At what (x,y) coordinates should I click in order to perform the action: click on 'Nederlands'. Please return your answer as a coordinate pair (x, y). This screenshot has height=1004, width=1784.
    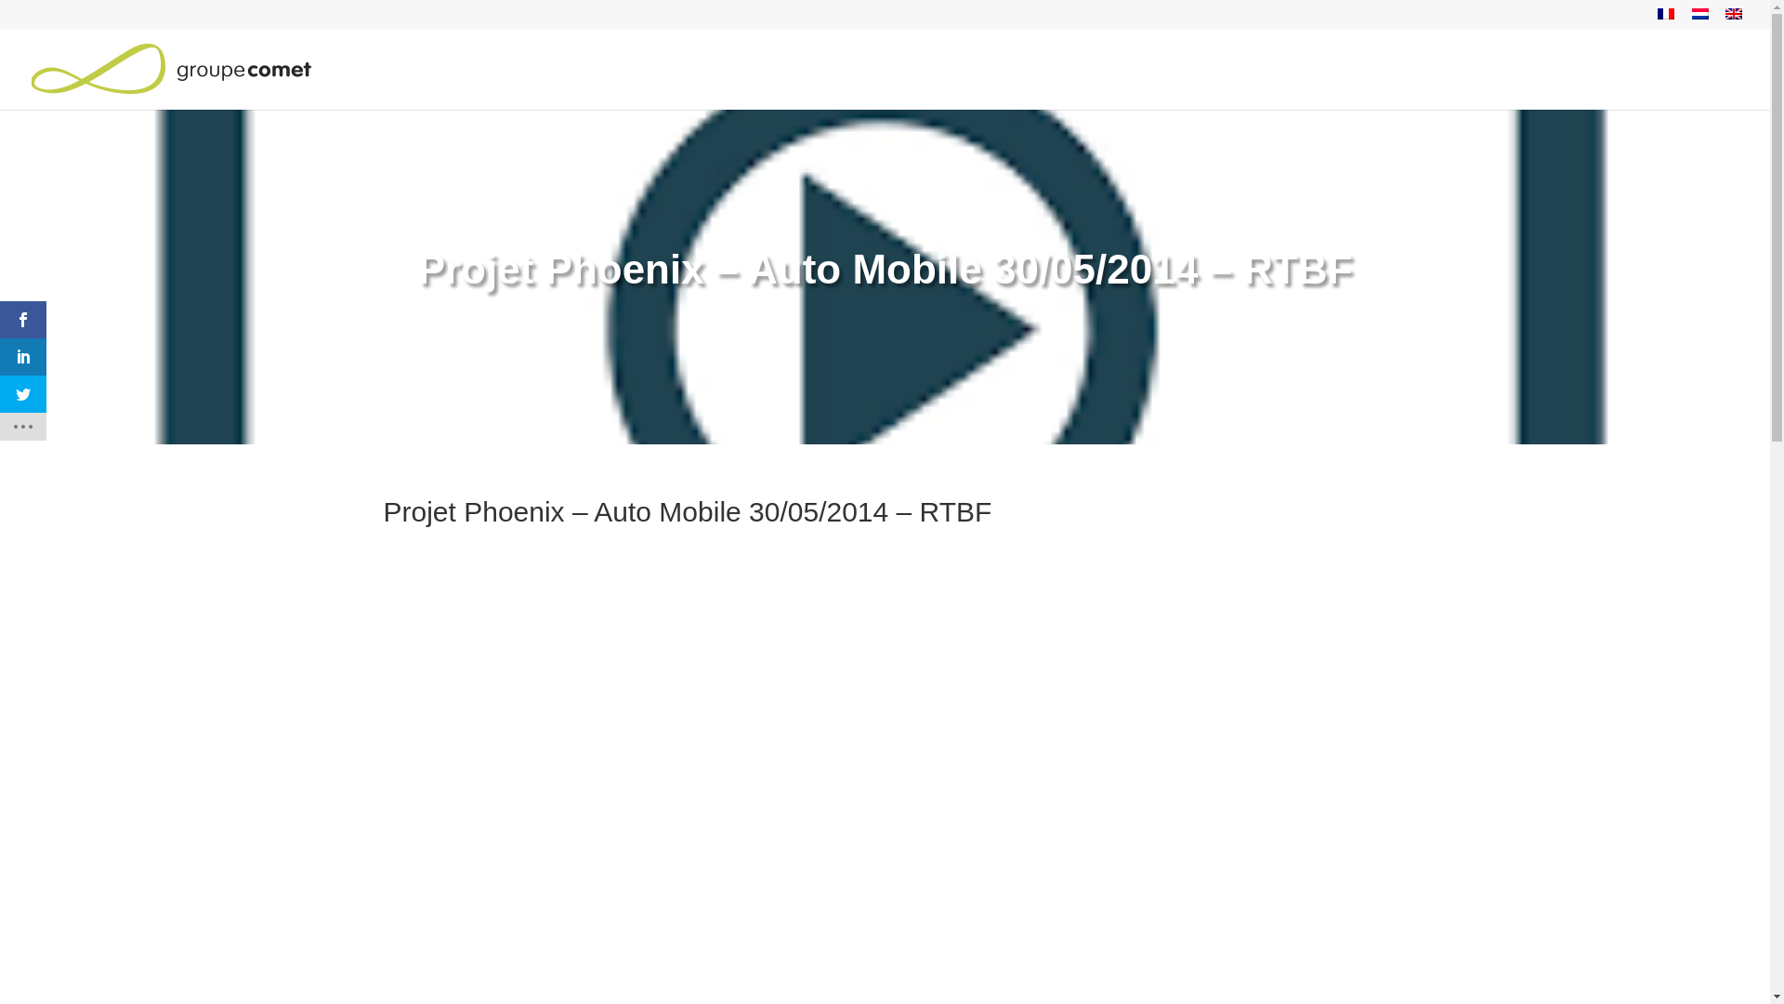
    Looking at the image, I should click on (1691, 14).